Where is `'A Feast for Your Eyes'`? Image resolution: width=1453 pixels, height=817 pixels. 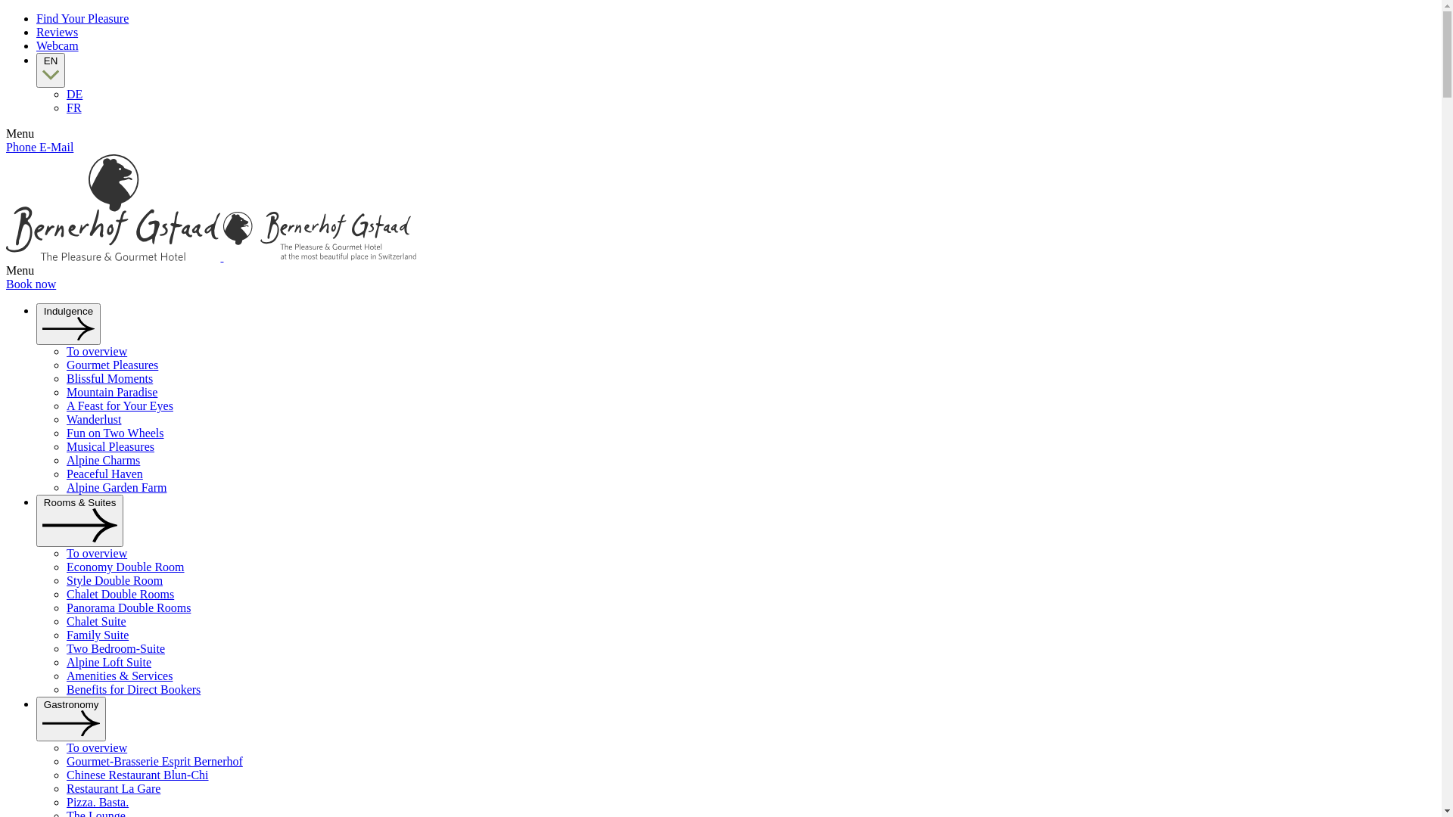 'A Feast for Your Eyes' is located at coordinates (119, 405).